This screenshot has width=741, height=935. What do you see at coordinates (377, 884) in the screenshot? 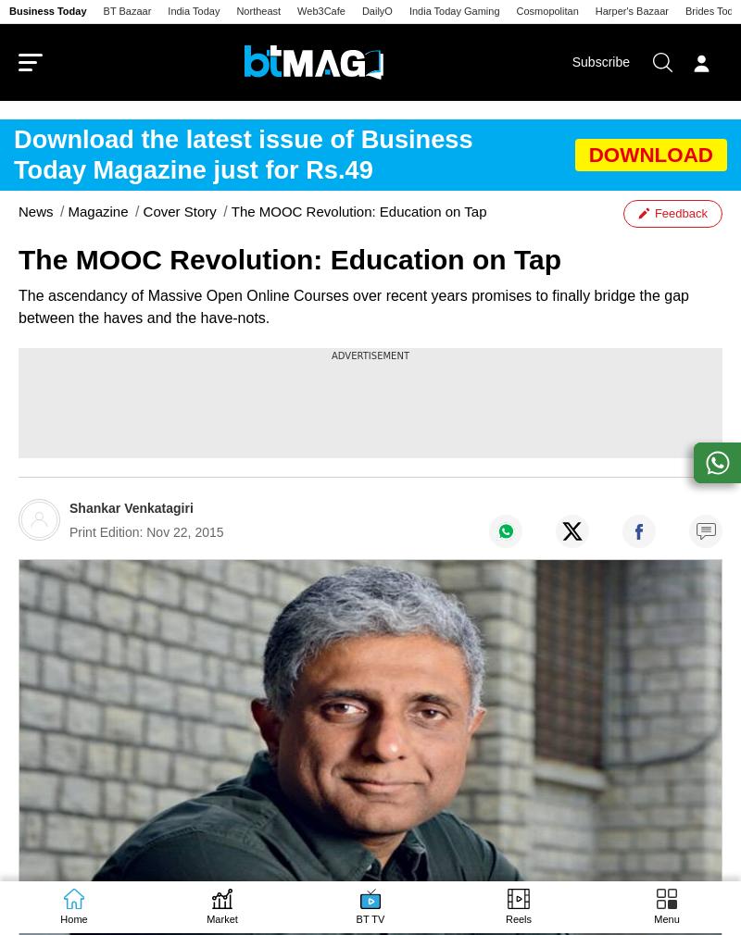
I see `'Almost 700 out of 770 OpenAI employees threaten to quit and join Microsoft, Sam Altman can still make a comeback'` at bounding box center [377, 884].